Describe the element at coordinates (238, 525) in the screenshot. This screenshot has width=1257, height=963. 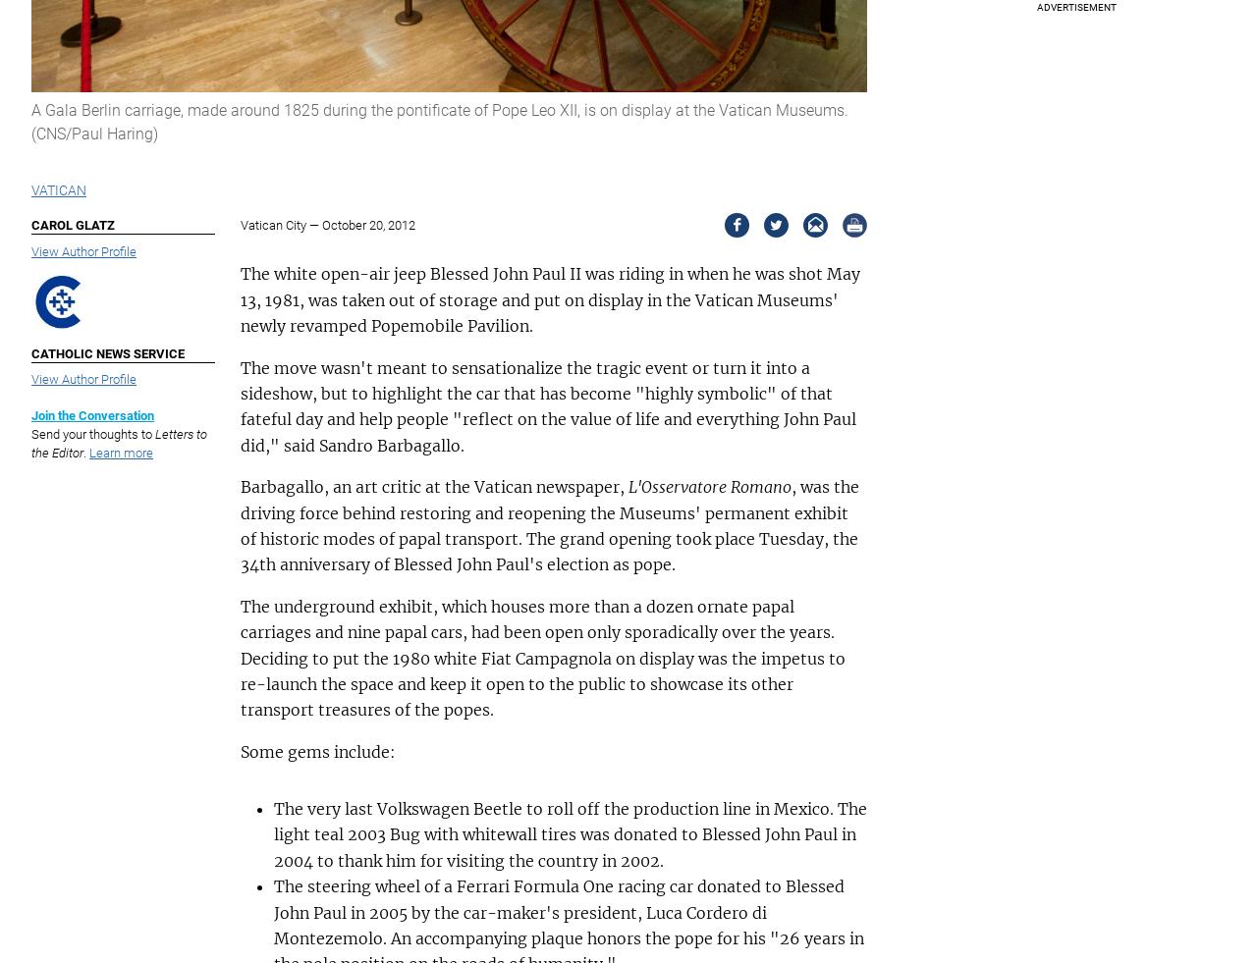
I see `', was the driving force behind restoring and reopening the Museums' permanent exhibit of historic modes of papal transport. The grand opening took place Tuesday, the 34th anniversary of Blessed John Paul's election as pope.'` at that location.